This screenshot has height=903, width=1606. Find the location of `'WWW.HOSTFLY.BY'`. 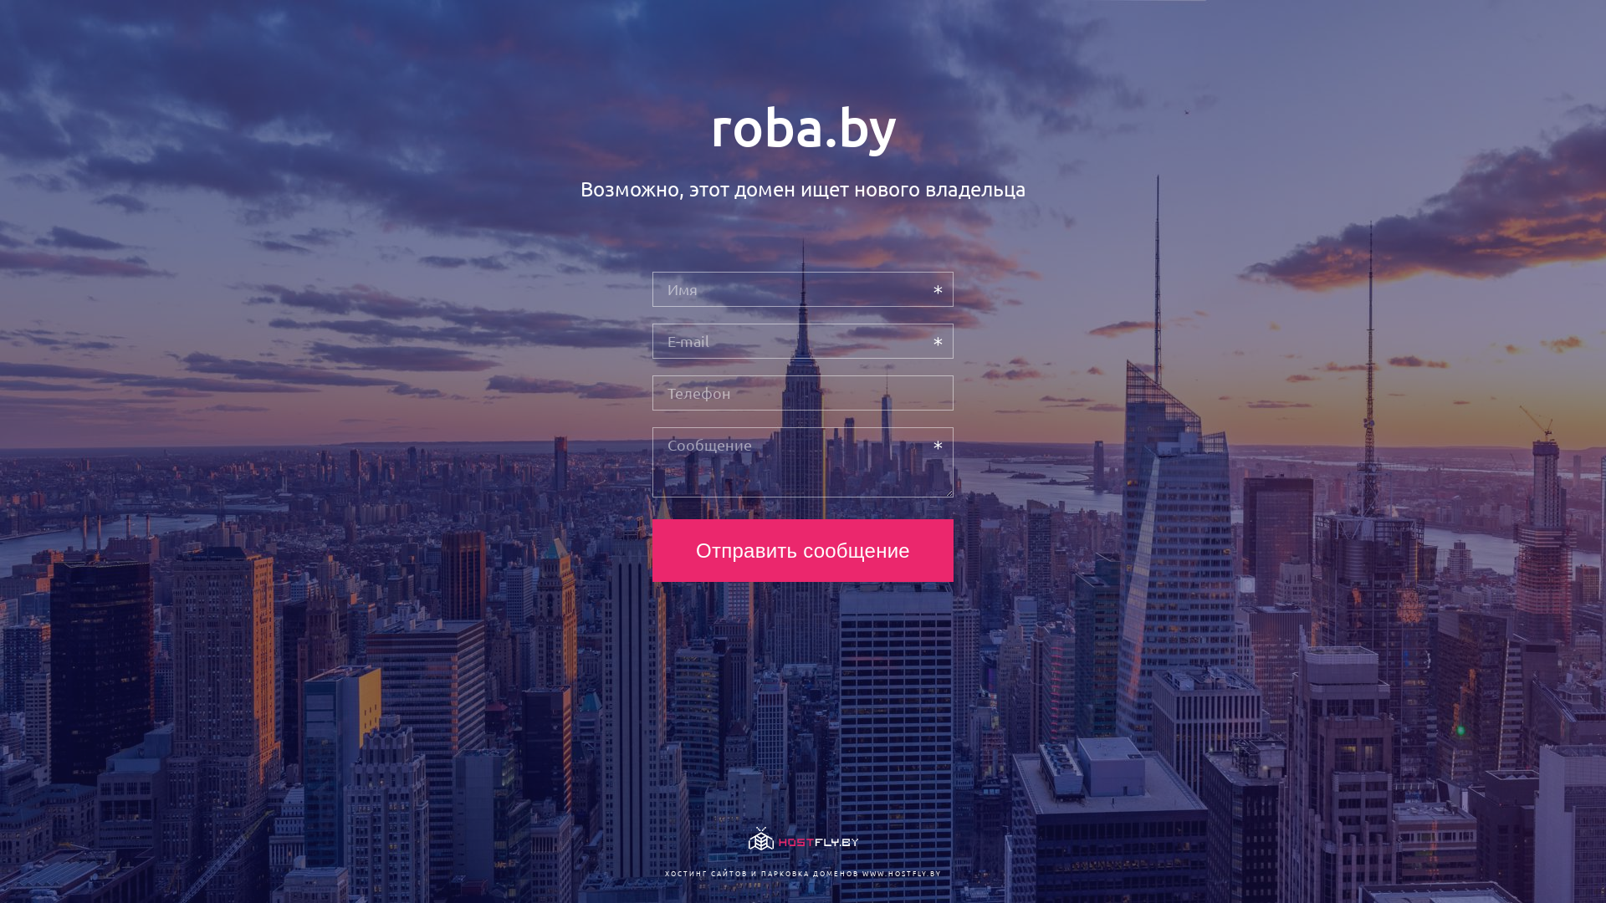

'WWW.HOSTFLY.BY' is located at coordinates (900, 872).